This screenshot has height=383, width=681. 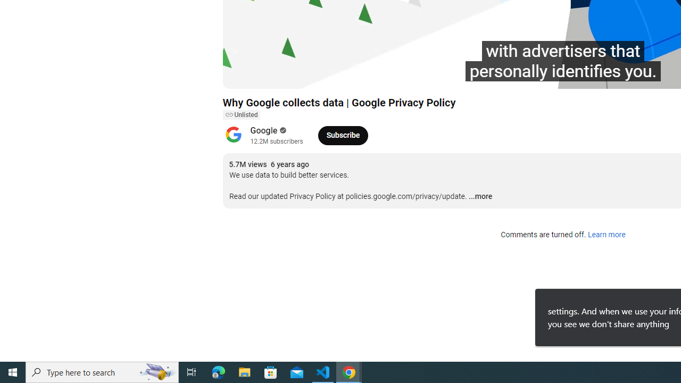 What do you see at coordinates (264, 130) in the screenshot?
I see `'Google'` at bounding box center [264, 130].